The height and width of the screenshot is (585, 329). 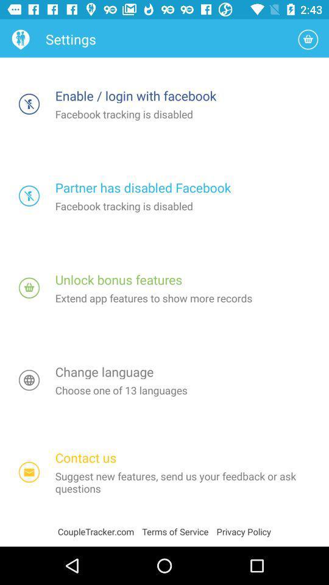 I want to click on contact us, so click(x=29, y=472).